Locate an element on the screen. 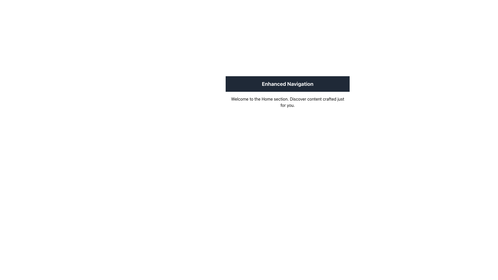 The width and height of the screenshot is (498, 280). descriptive text that says 'Welcome to the Home section. Discover content crafted just for you.' which is centered below the header 'Enhanced Navigation' is located at coordinates (287, 102).